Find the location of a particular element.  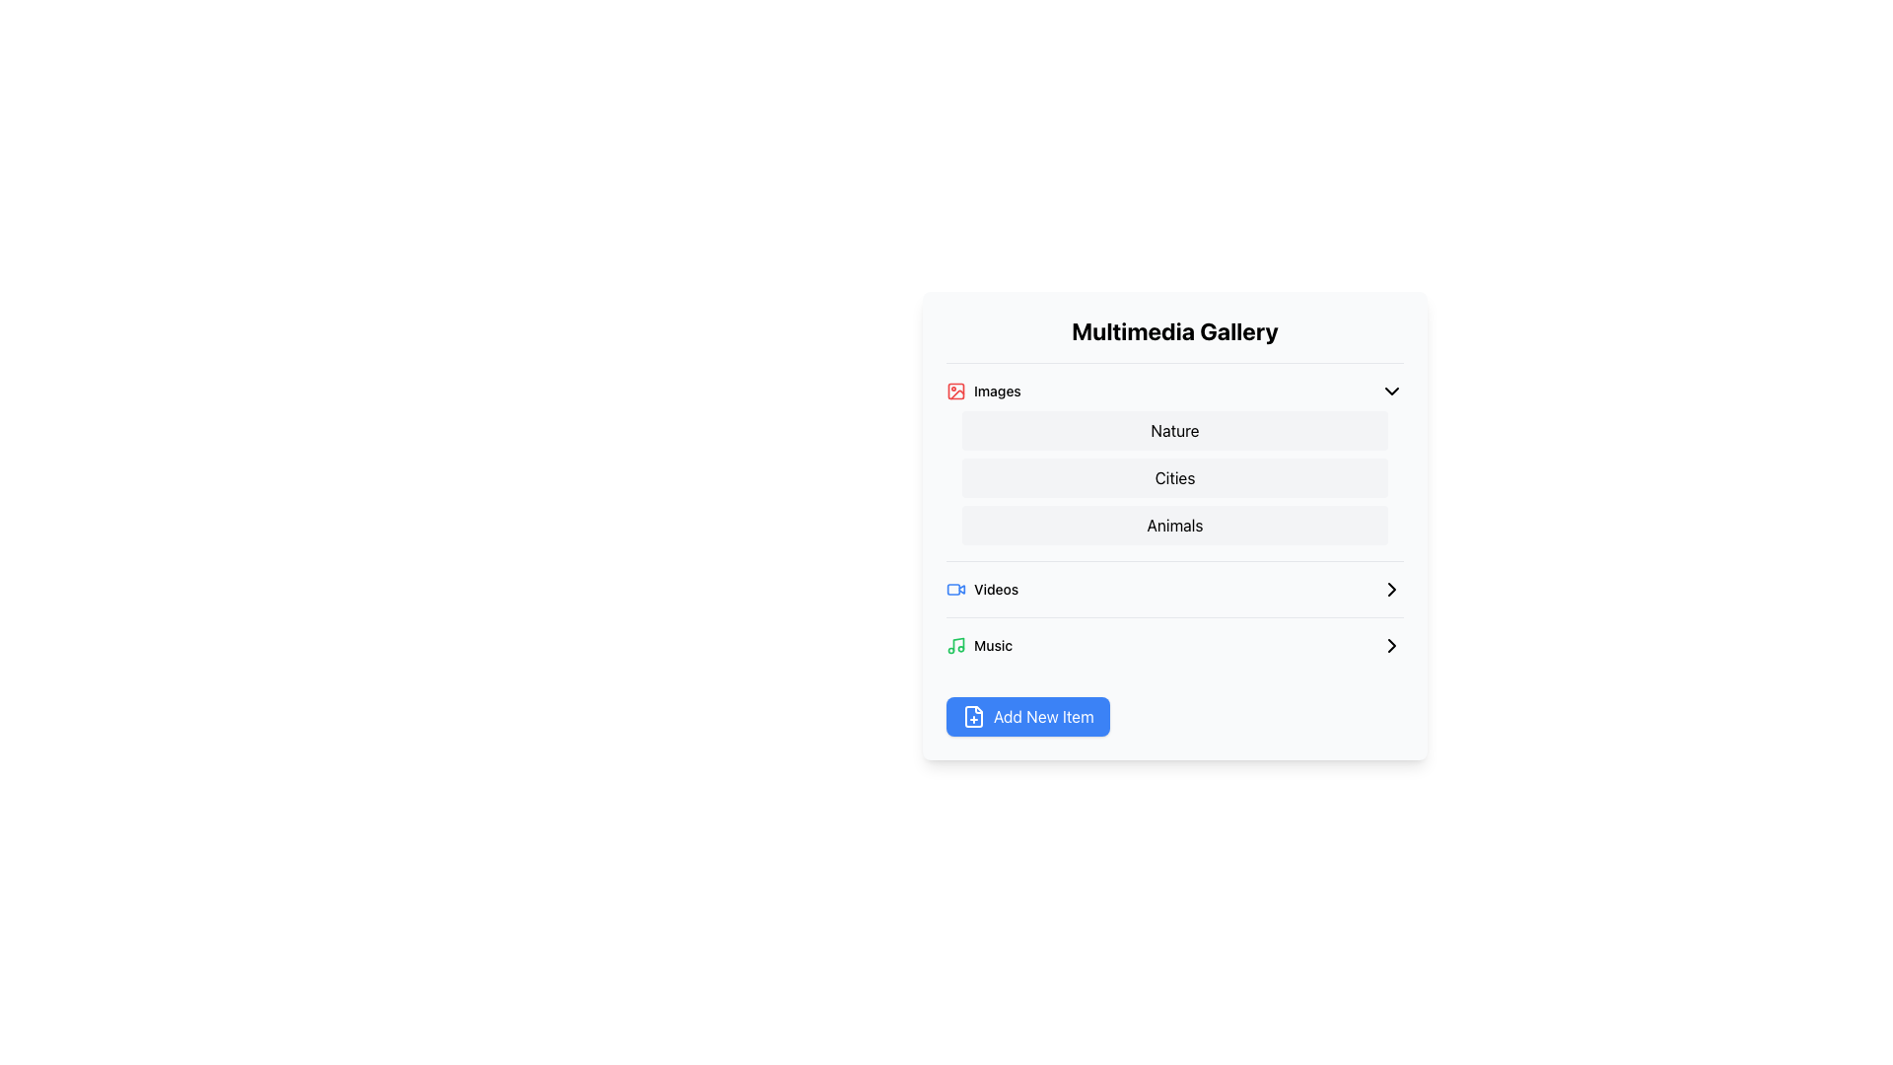

the 'Images', 'Videos', or 'Music' categories in the 'Multimedia Gallery' is located at coordinates (1174, 524).